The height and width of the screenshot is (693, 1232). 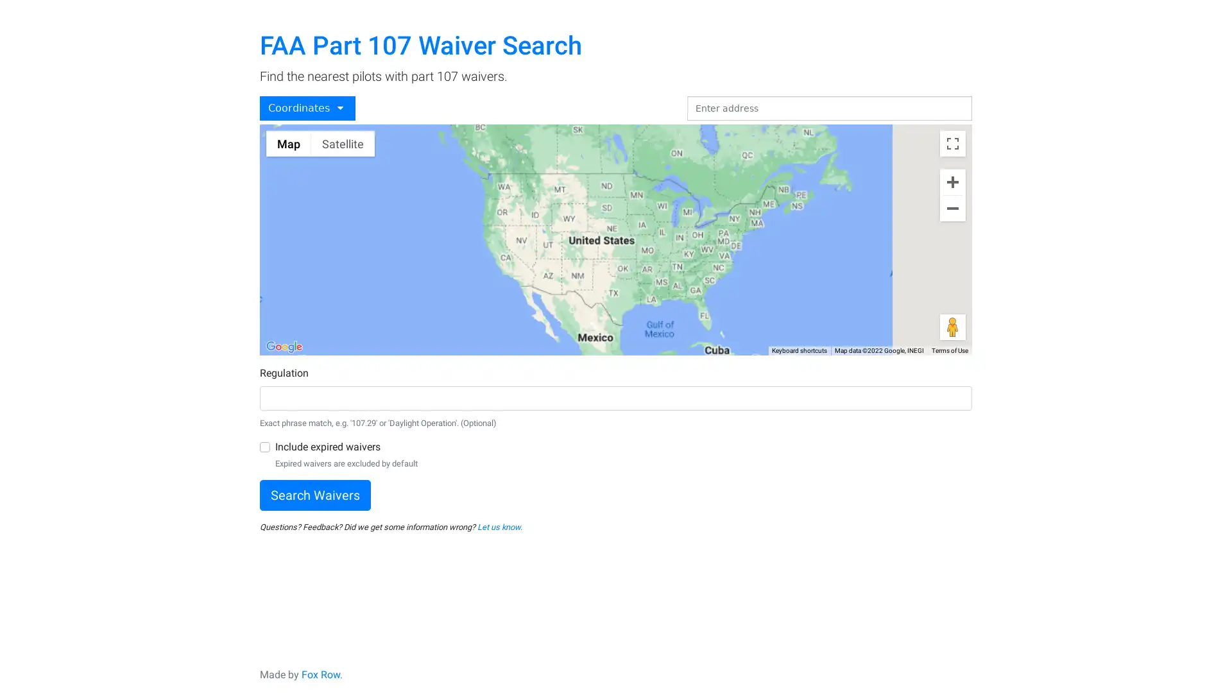 I want to click on Keyboard shortcuts, so click(x=799, y=351).